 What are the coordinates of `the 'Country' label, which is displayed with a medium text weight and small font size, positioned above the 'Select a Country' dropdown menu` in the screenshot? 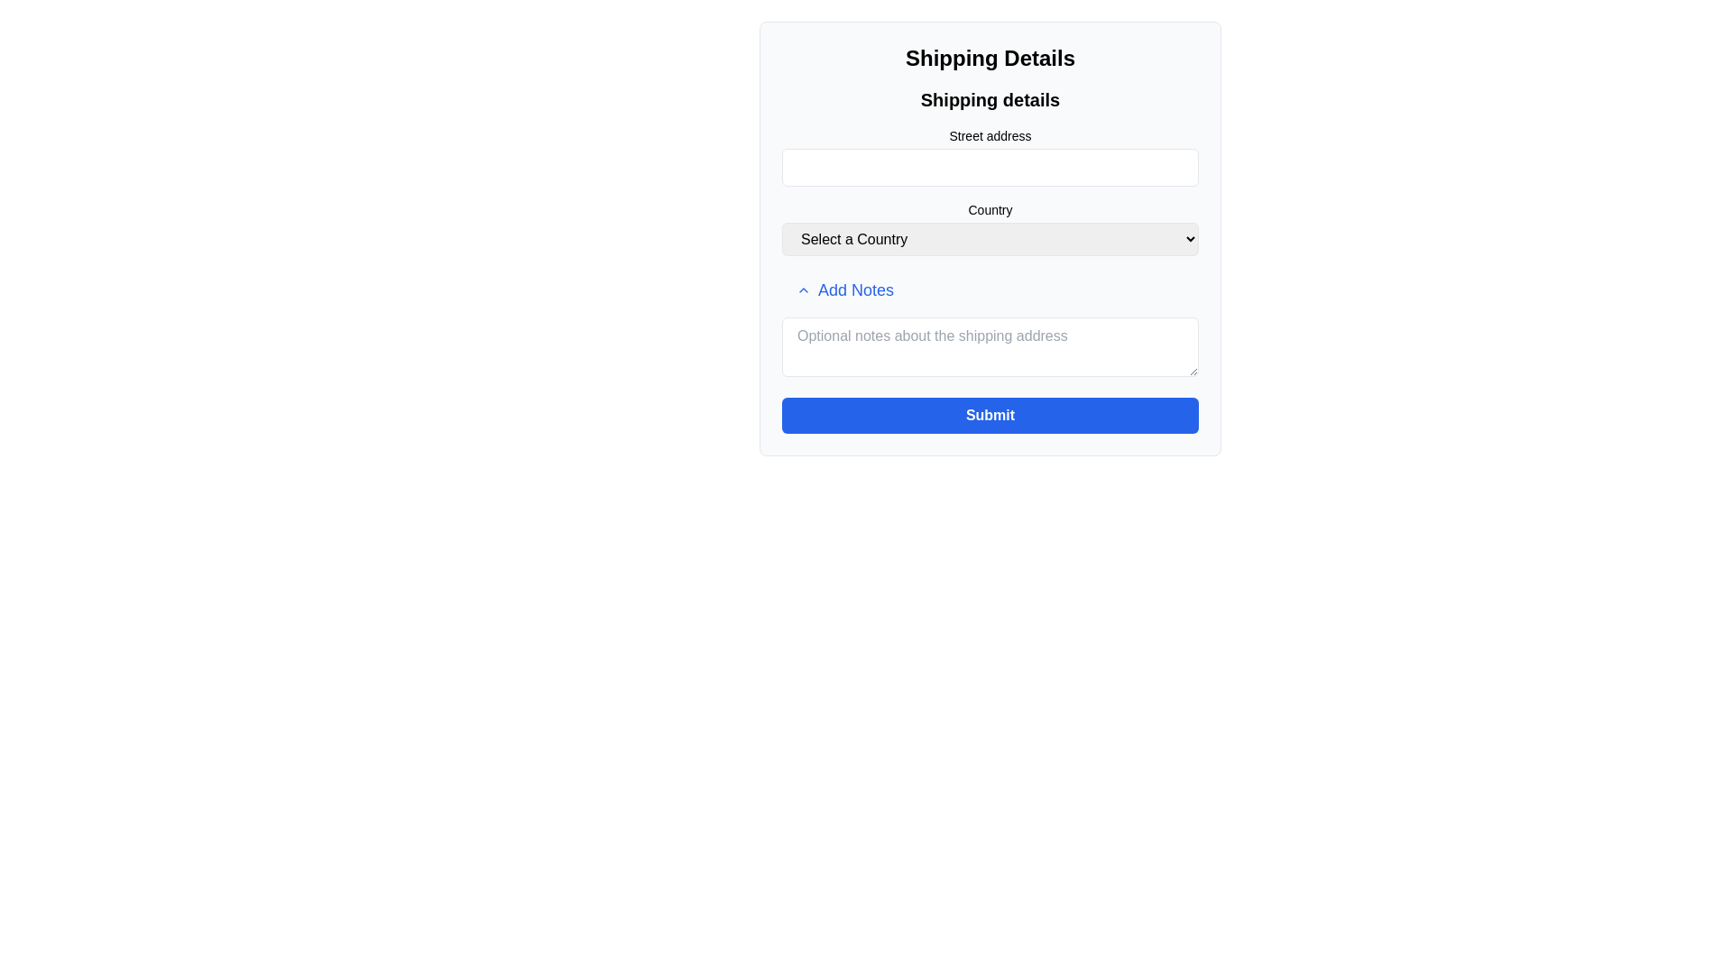 It's located at (990, 208).